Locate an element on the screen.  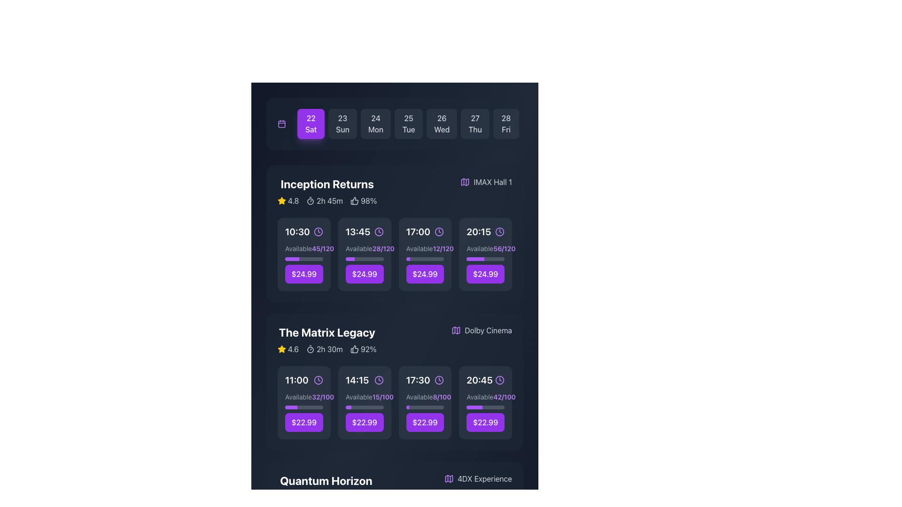
the displayed text 'Select Seats' on the text label with a white font on a purple background, which is centrally positioned within a button-like area is located at coordinates (369, 402).